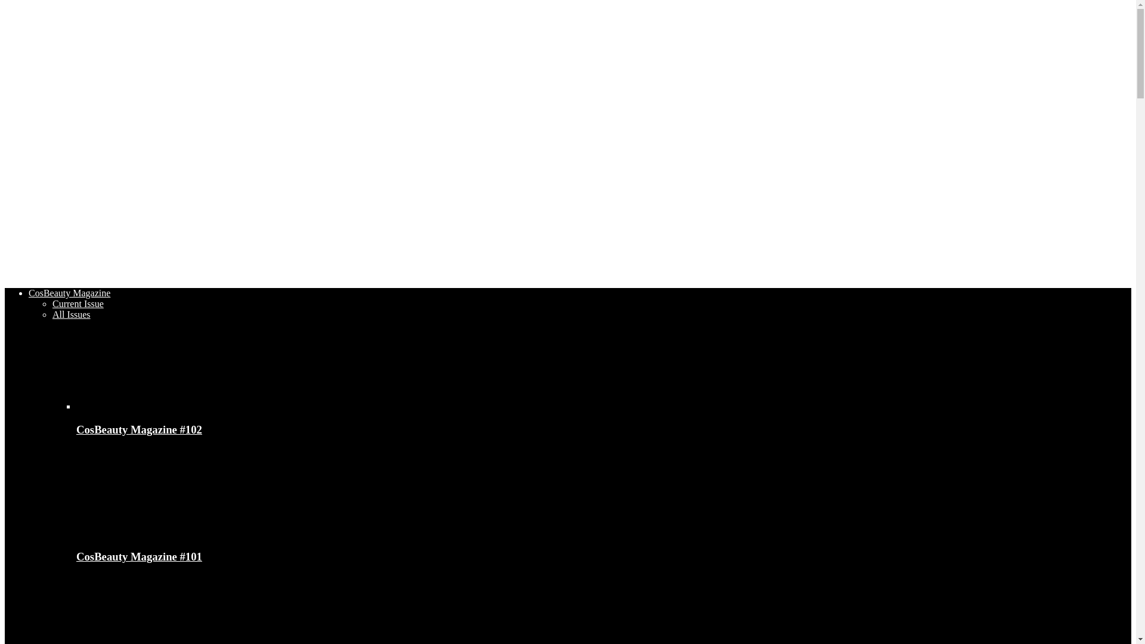 The height and width of the screenshot is (644, 1145). Describe the element at coordinates (77, 303) in the screenshot. I see `'Current Issue'` at that location.